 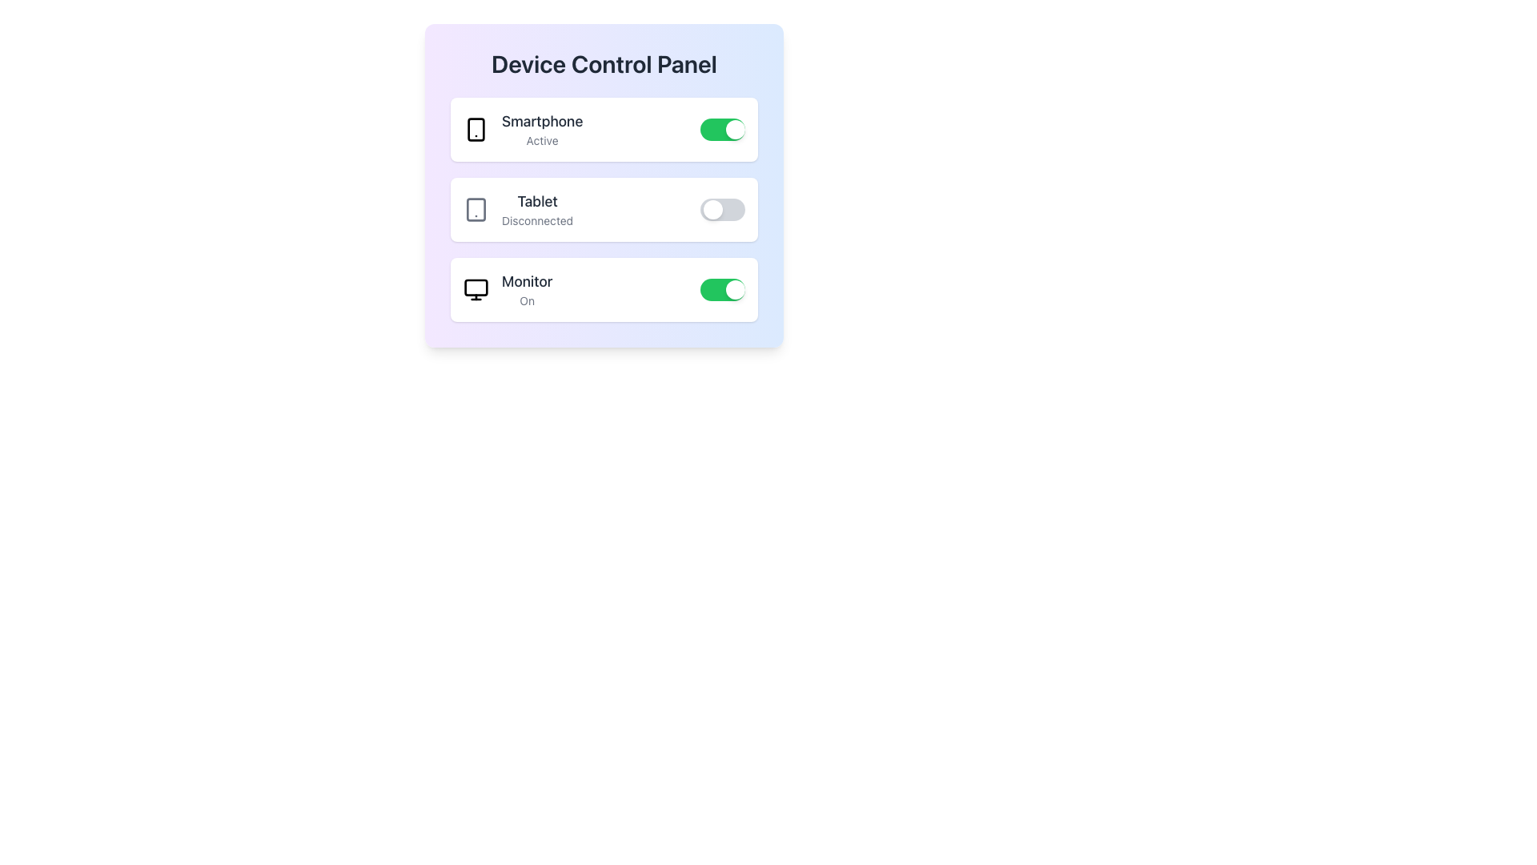 I want to click on the status of the active computer monitor icon, which is highlighted with a green accent and positioned next to the text 'Monitor' and 'On' in the Device Control Panel, so click(x=476, y=290).